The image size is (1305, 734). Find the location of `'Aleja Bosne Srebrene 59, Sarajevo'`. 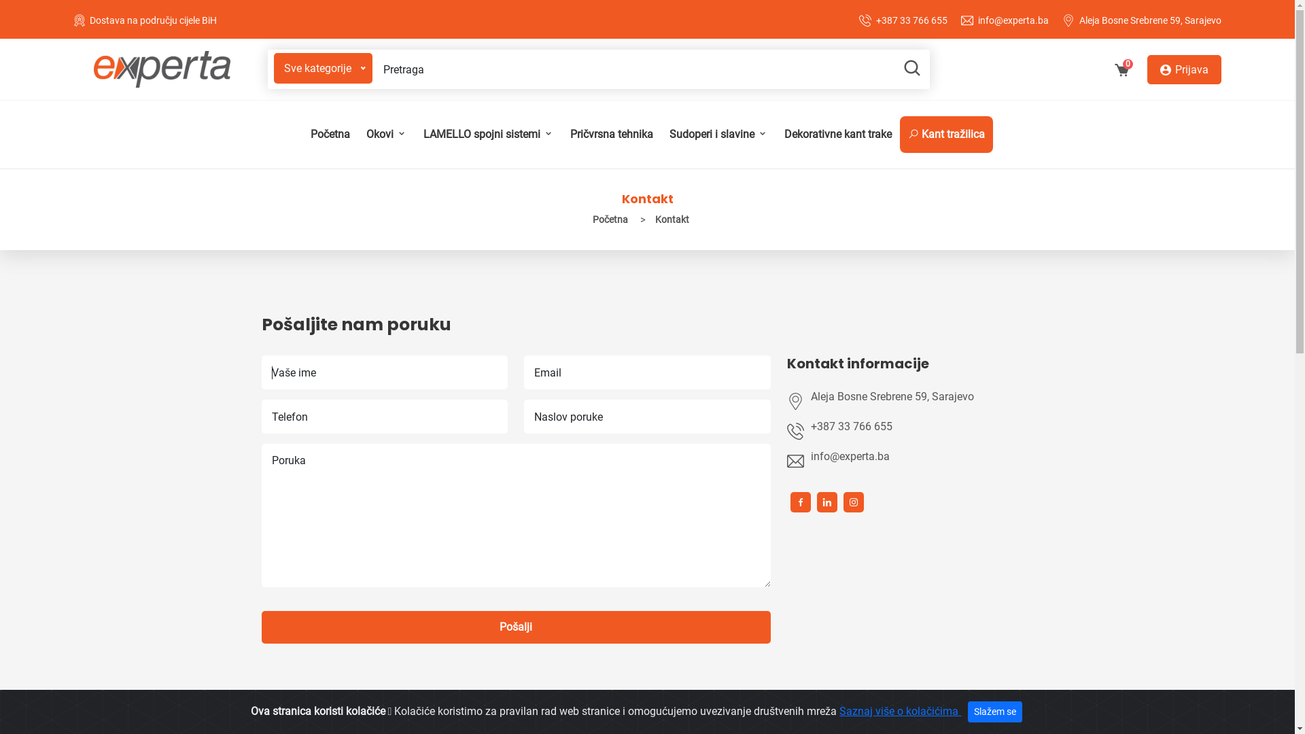

'Aleja Bosne Srebrene 59, Sarajevo' is located at coordinates (1149, 20).